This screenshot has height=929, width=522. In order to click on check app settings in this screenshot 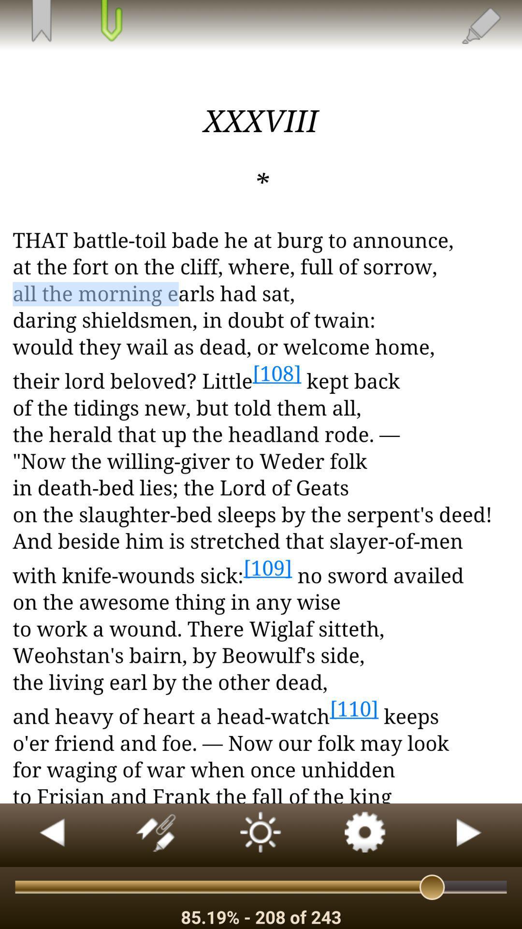, I will do `click(365, 835)`.